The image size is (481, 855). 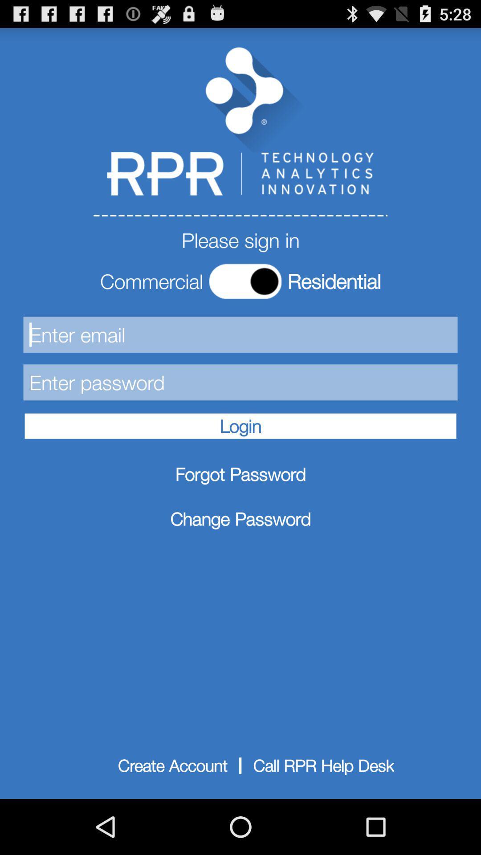 I want to click on the second text feed, so click(x=240, y=382).